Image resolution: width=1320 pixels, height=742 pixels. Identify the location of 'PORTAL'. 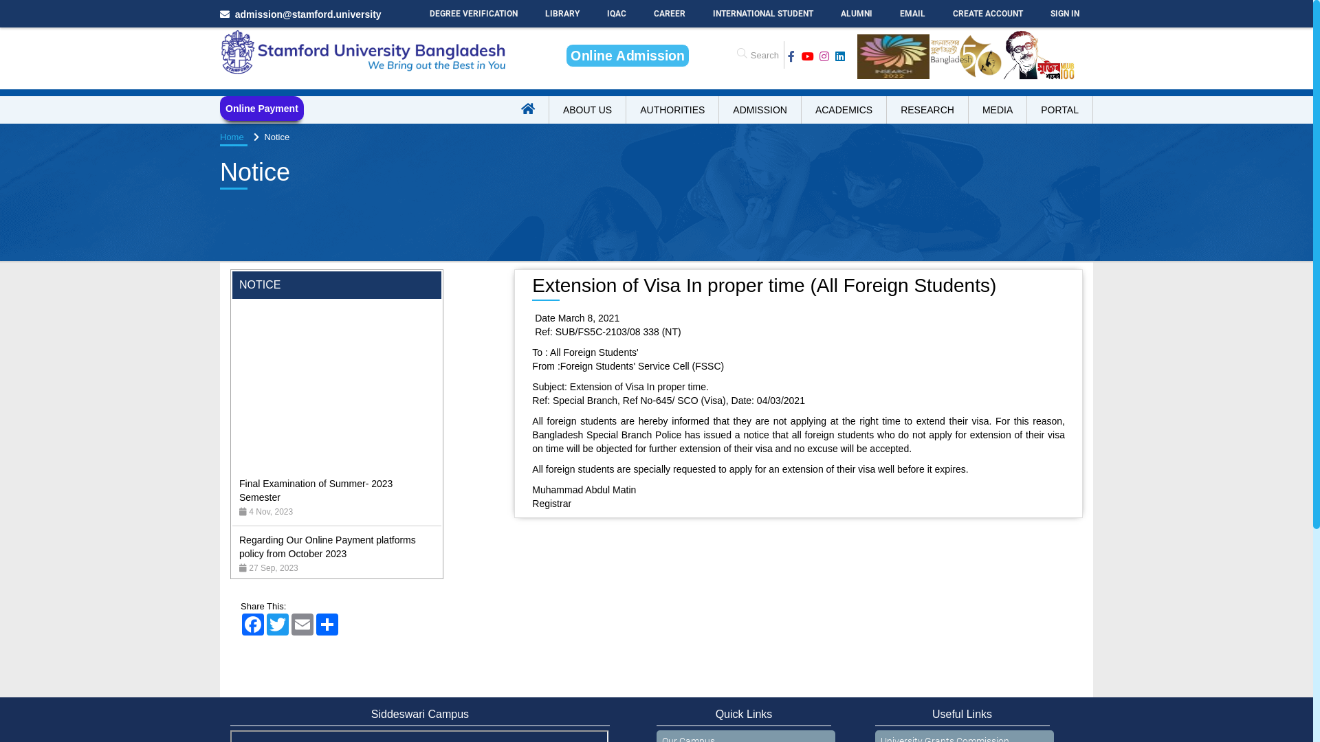
(1026, 109).